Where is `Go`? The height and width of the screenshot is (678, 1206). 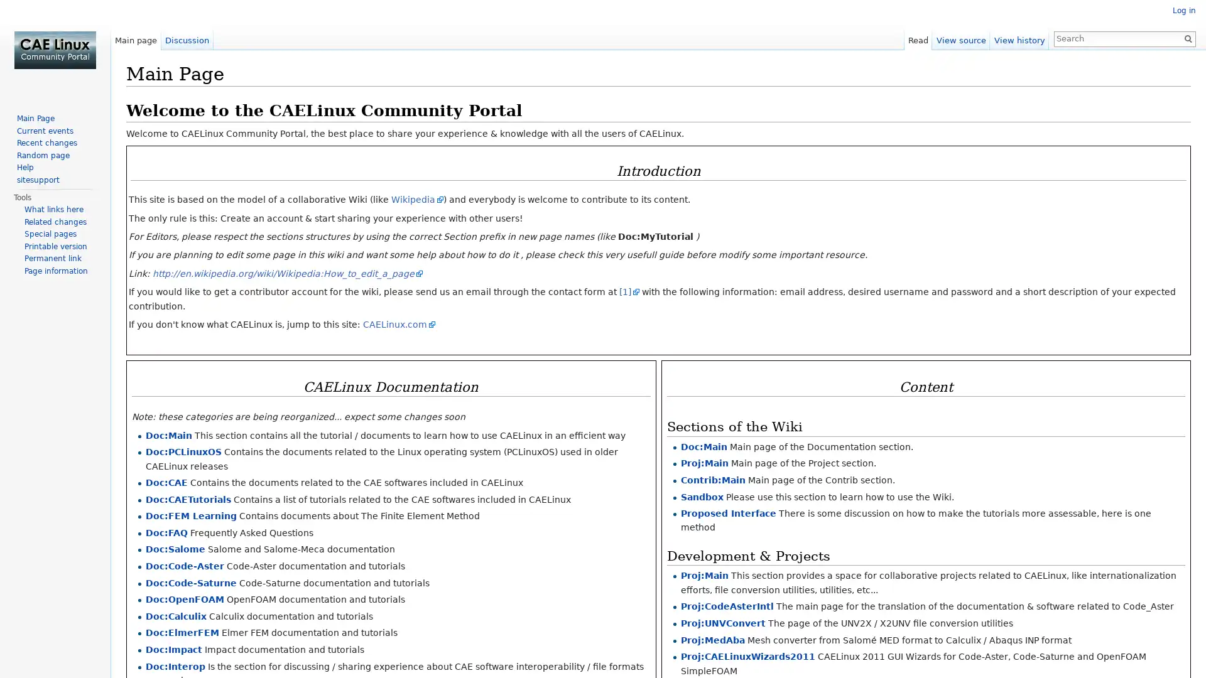 Go is located at coordinates (1187, 38).